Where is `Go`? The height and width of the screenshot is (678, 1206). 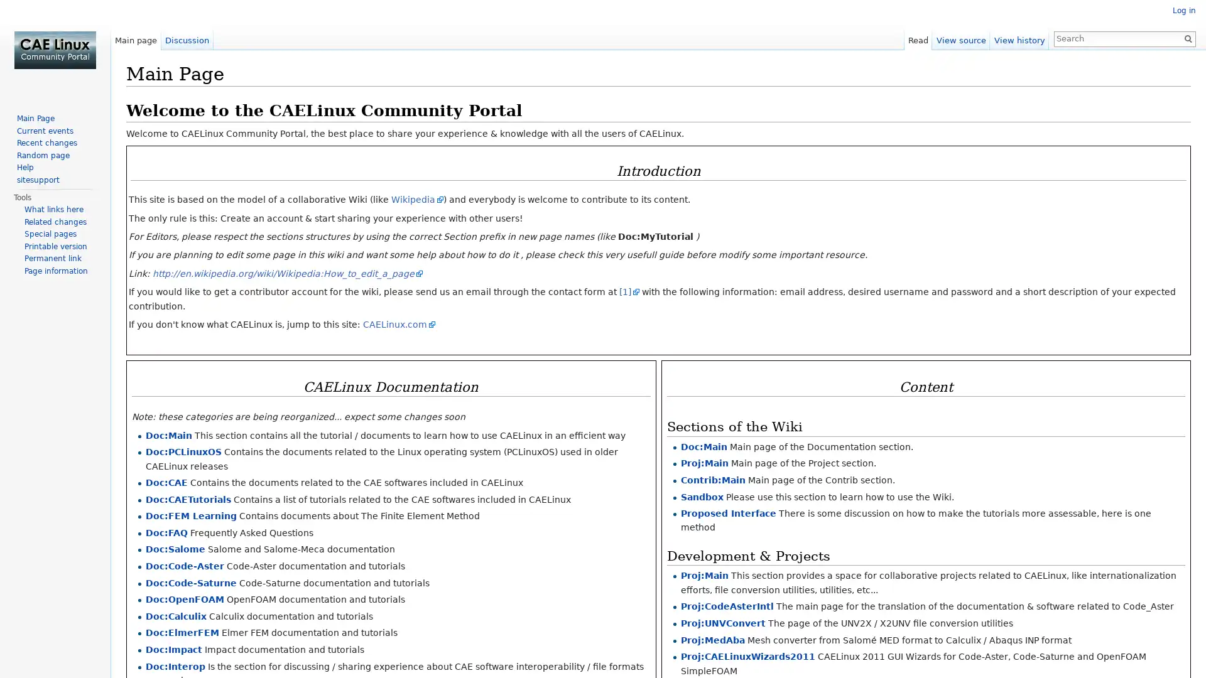 Go is located at coordinates (1187, 38).